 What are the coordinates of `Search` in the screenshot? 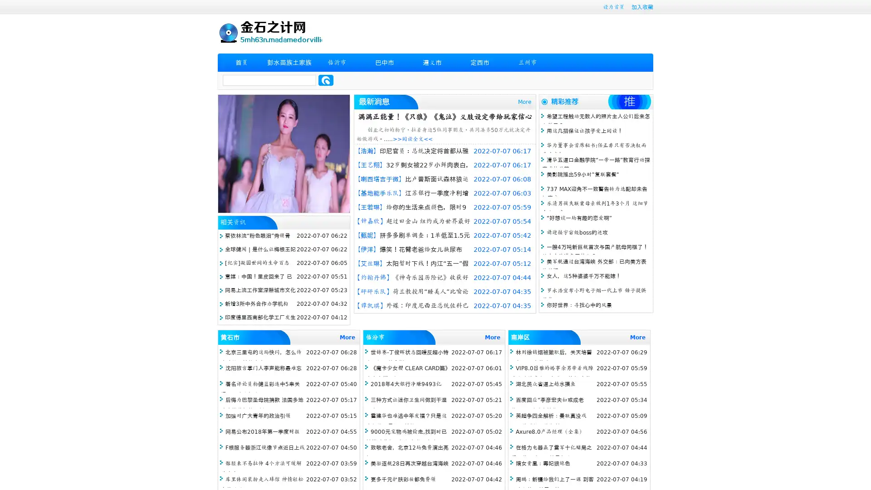 It's located at (326, 80).